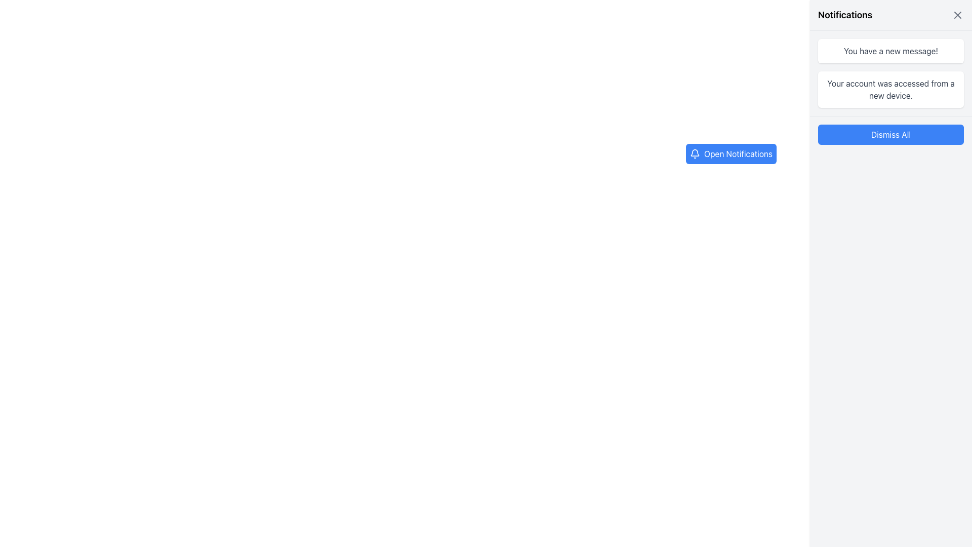 The image size is (972, 547). Describe the element at coordinates (738, 154) in the screenshot. I see `font and styling properties of the Text Label located within the button component, which indicates that clicking the button will open the notifications panel` at that location.